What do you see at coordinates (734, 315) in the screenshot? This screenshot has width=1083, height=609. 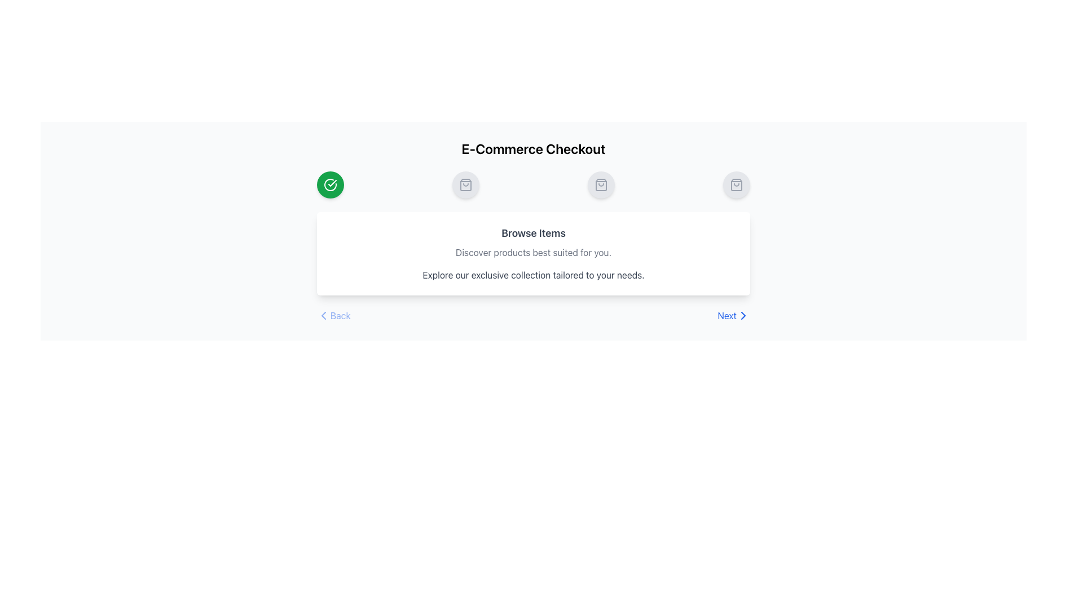 I see `the 'Next' button, which is a textual link styled in blue with a chevron arrow pointing right, located at the bottom-right section of the interface` at bounding box center [734, 315].